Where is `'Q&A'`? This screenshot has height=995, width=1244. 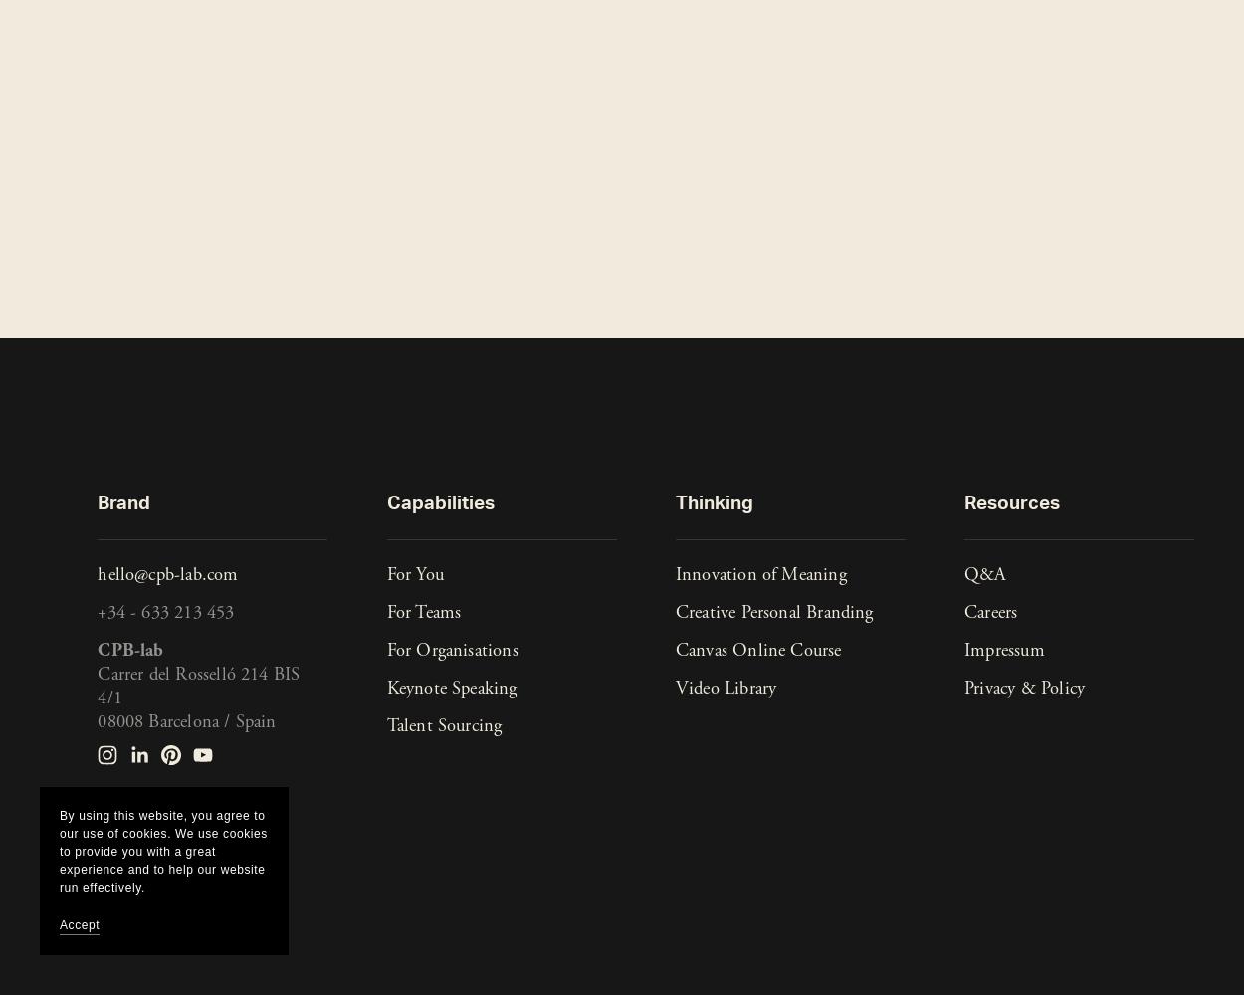 'Q&A' is located at coordinates (963, 574).